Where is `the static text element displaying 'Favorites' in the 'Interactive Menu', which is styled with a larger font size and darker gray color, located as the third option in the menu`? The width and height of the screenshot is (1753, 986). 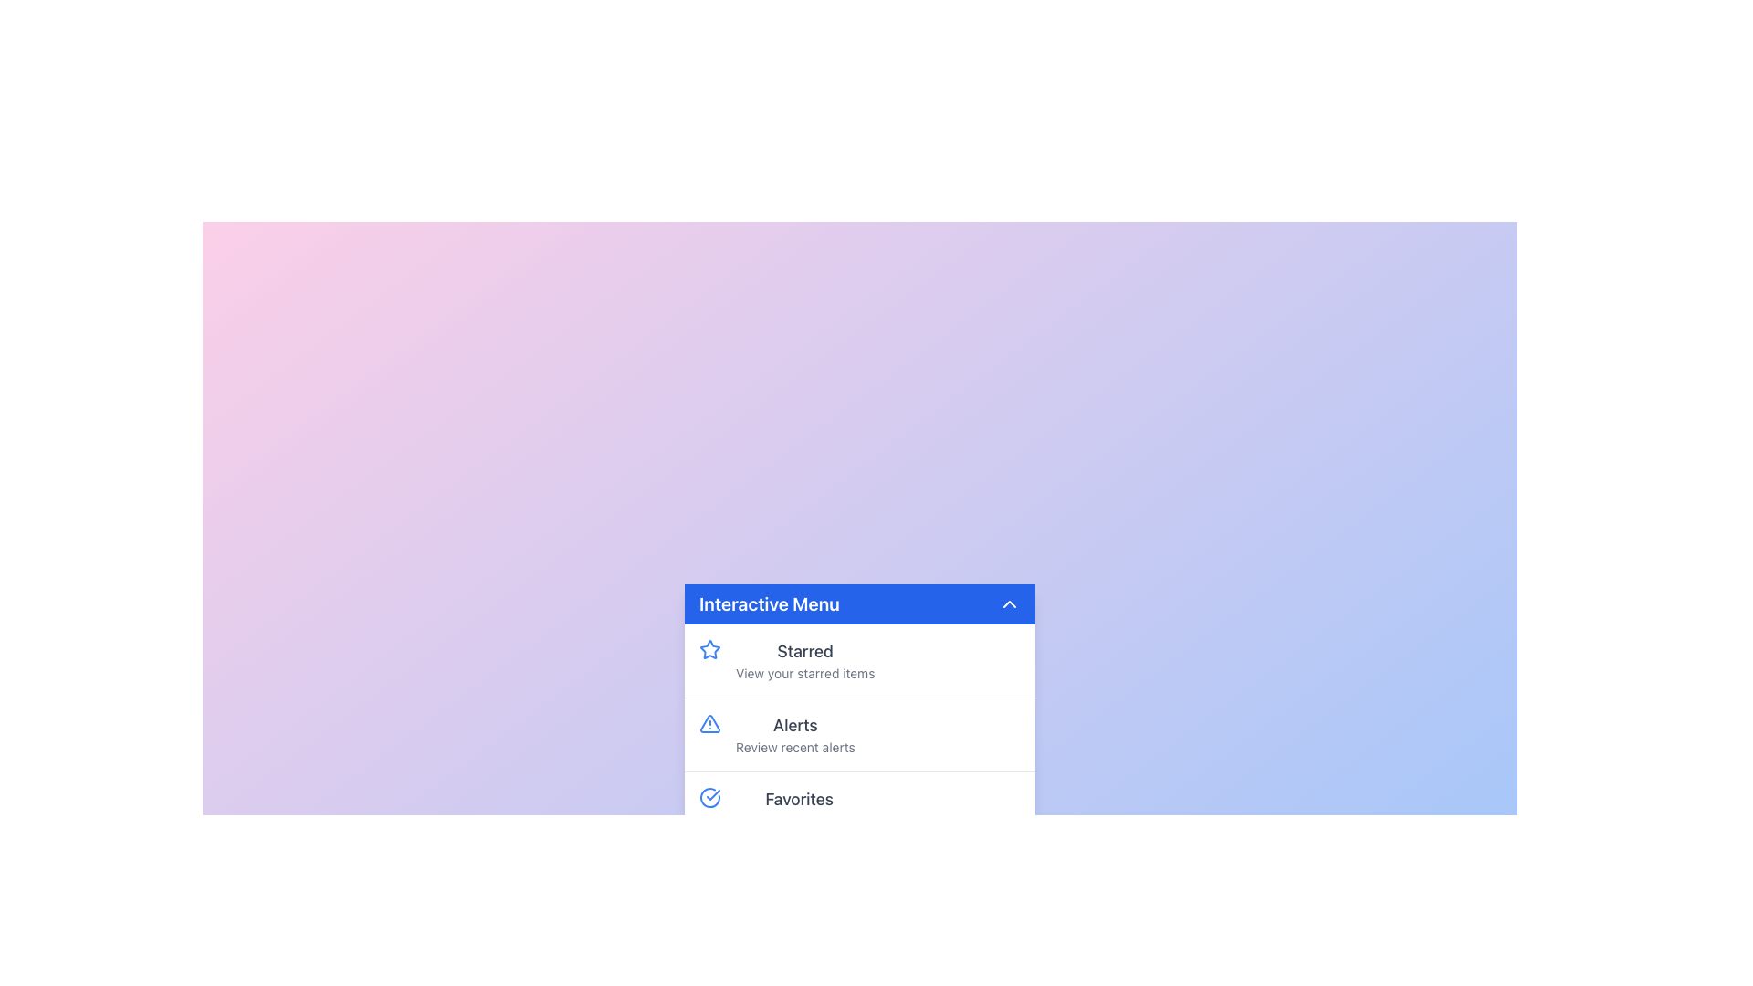
the static text element displaying 'Favorites' in the 'Interactive Menu', which is styled with a larger font size and darker gray color, located as the third option in the menu is located at coordinates (799, 798).